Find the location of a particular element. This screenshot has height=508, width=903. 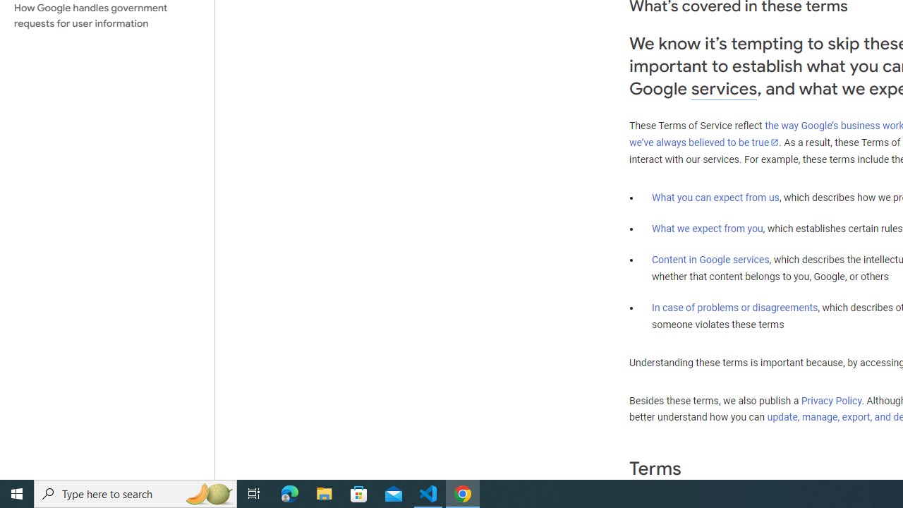

'In case of problems or disagreements' is located at coordinates (734, 306).